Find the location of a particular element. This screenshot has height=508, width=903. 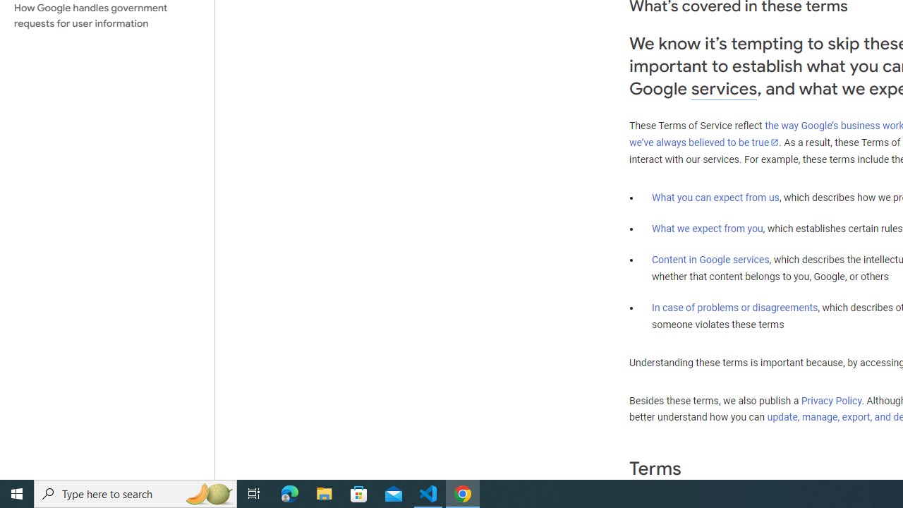

'In case of problems or disagreements' is located at coordinates (734, 306).